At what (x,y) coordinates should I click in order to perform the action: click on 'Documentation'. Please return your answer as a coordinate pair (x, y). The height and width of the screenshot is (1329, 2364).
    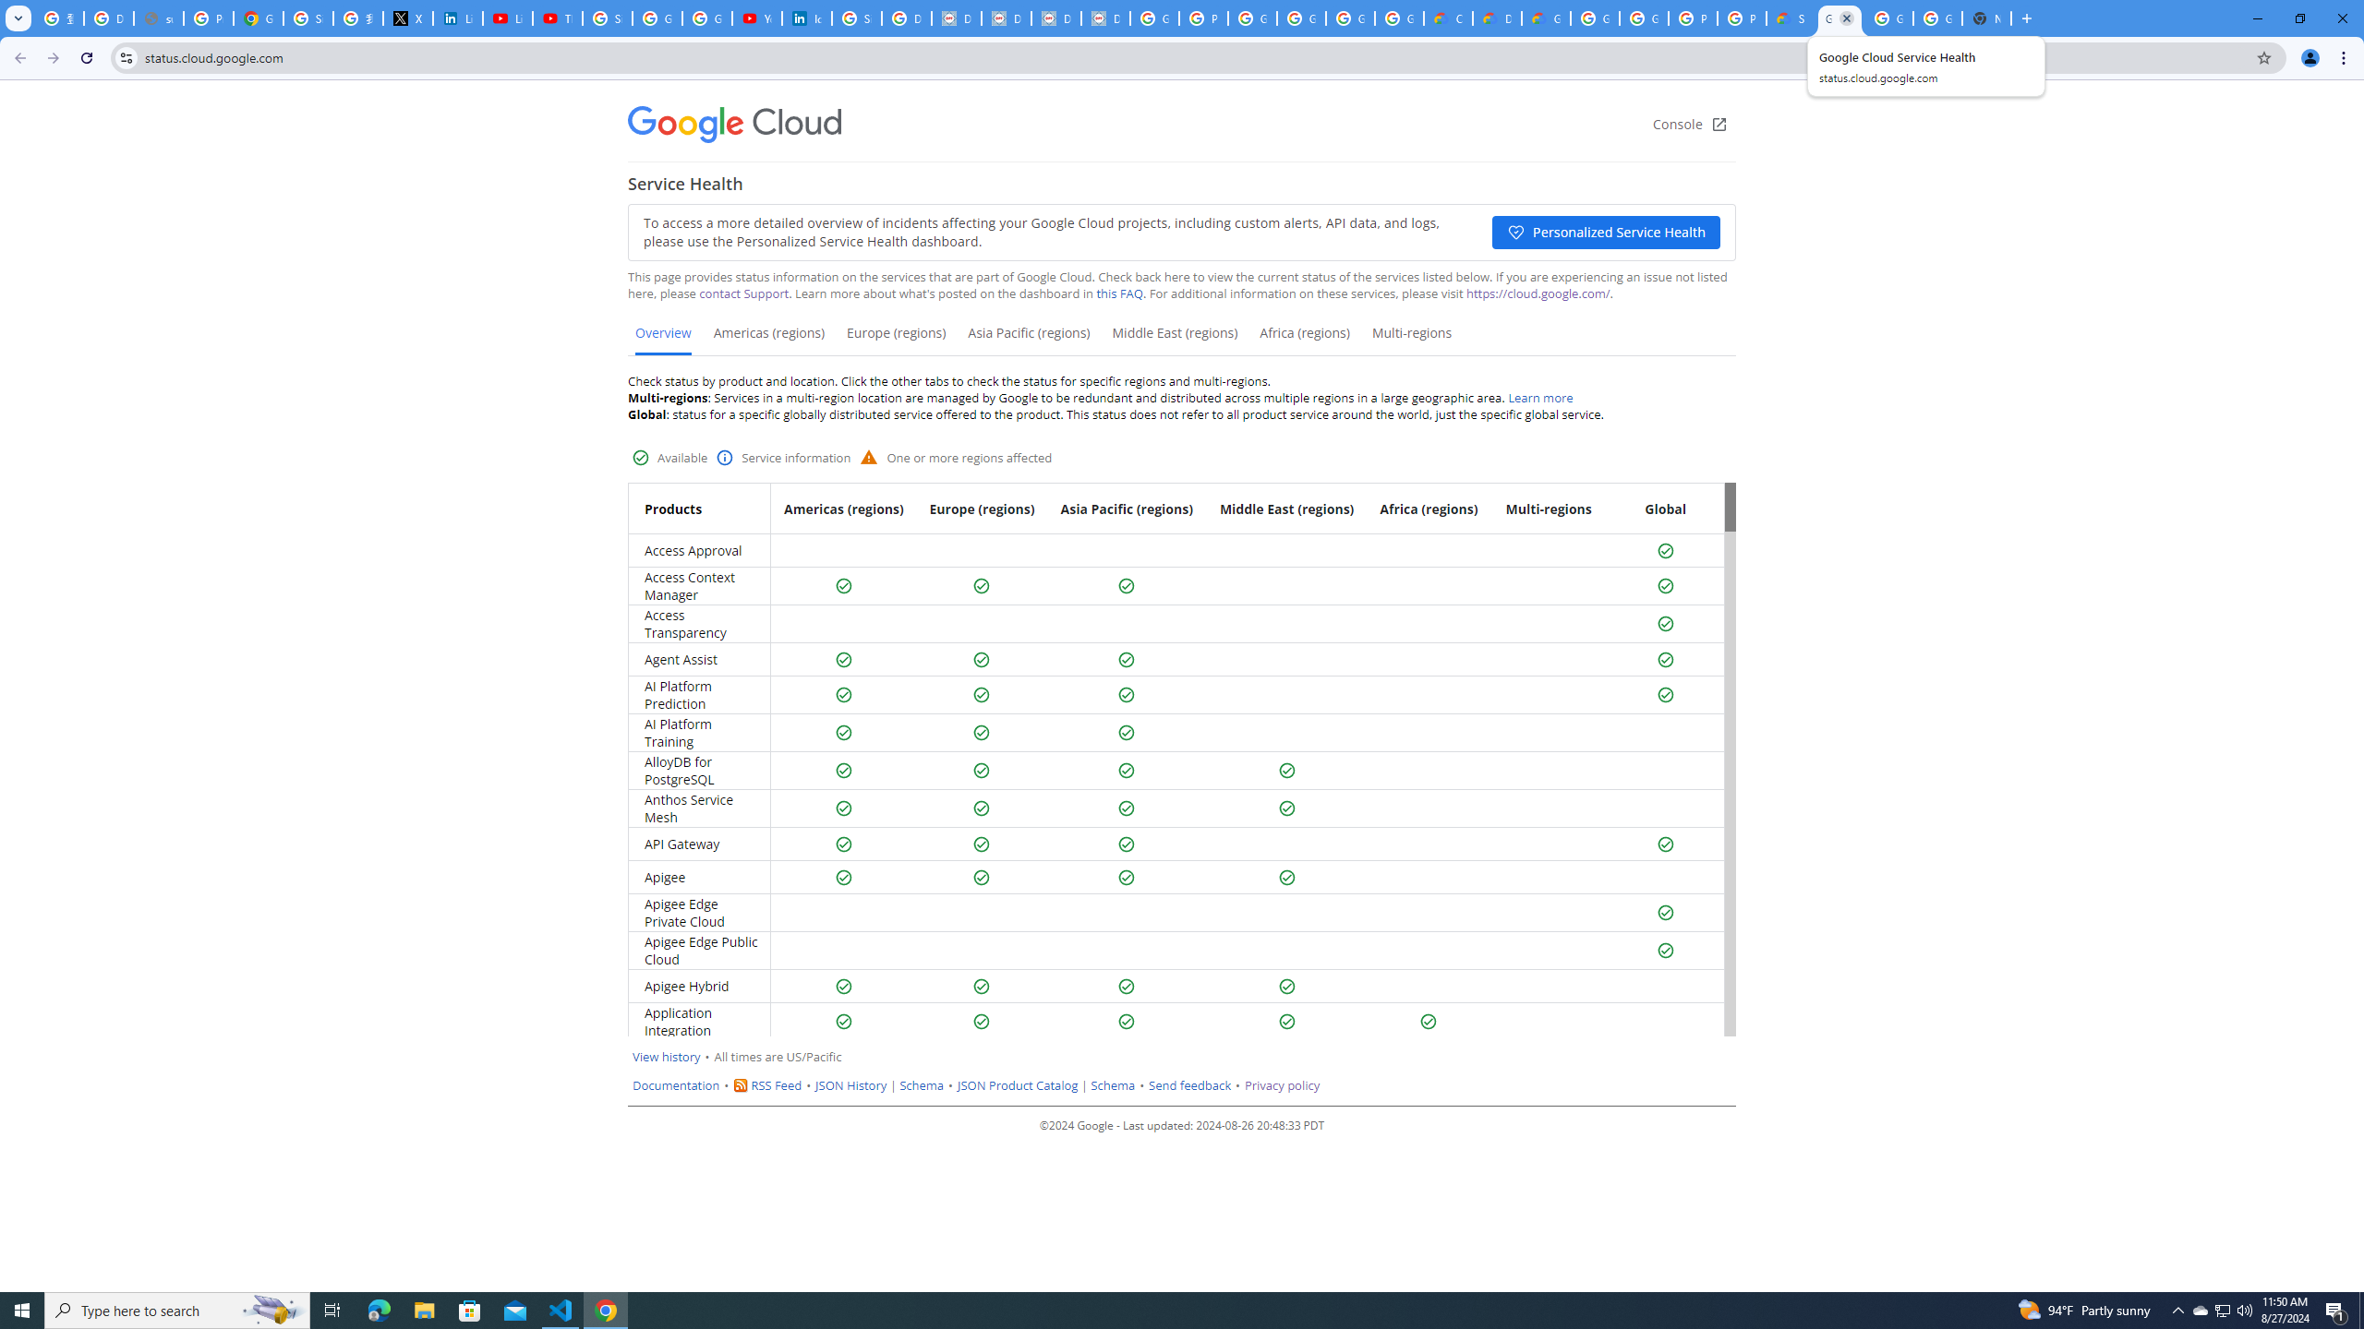
    Looking at the image, I should click on (677, 1084).